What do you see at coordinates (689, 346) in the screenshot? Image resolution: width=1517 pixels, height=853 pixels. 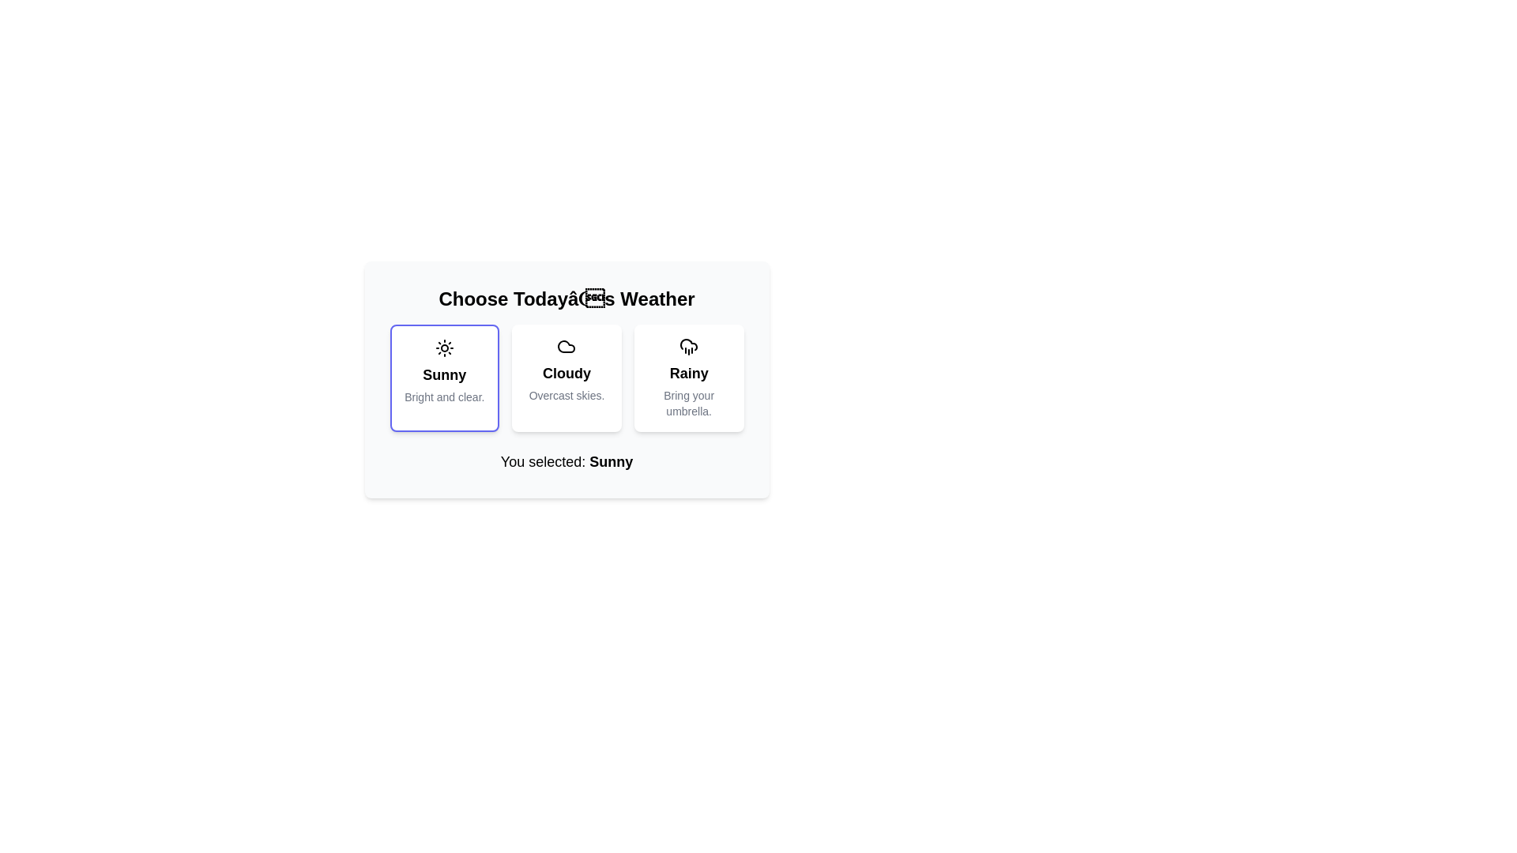 I see `the cloud icon with rain lines underneath, which is located at the top of the 'Rainy' weather selection card` at bounding box center [689, 346].